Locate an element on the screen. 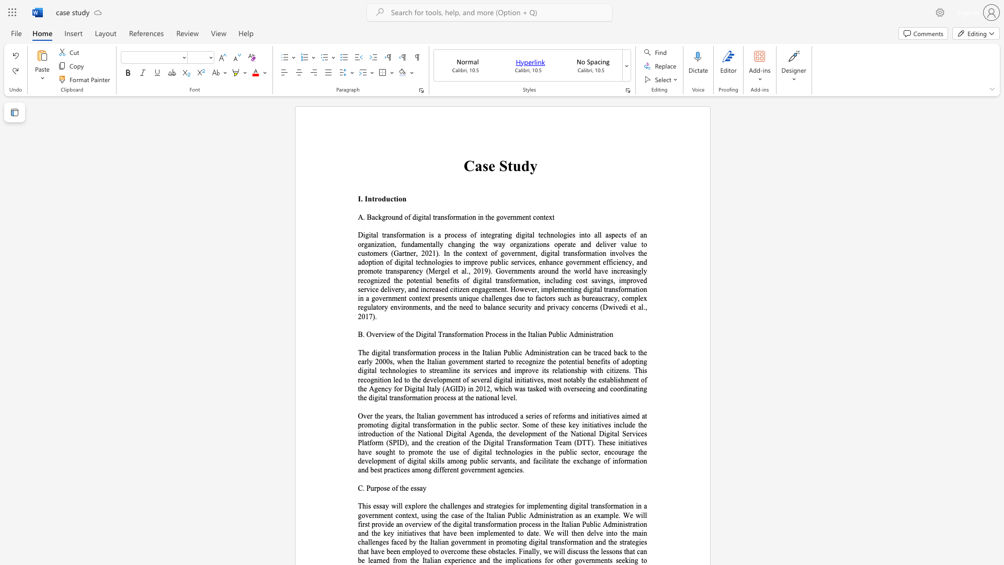  the subset text "and the key initiatives that have been implemented to date. We will then delve into the main challenges faced by the Italian government in promoting digital transformation and the strategies that have been emplo" within the text "This essay will explore the challenges and strategies for implementing digital transformation in a government context, using the case of the Italian Public Administration as an example. We will first provide an overview of the digital transformation process in the Italian Public Administration and the key initiatives that have been implemented to date. We will then delve into the main challenges faced by the Italian government in promoting digital transformation and the strategies that have been employed to" is located at coordinates (358, 533).